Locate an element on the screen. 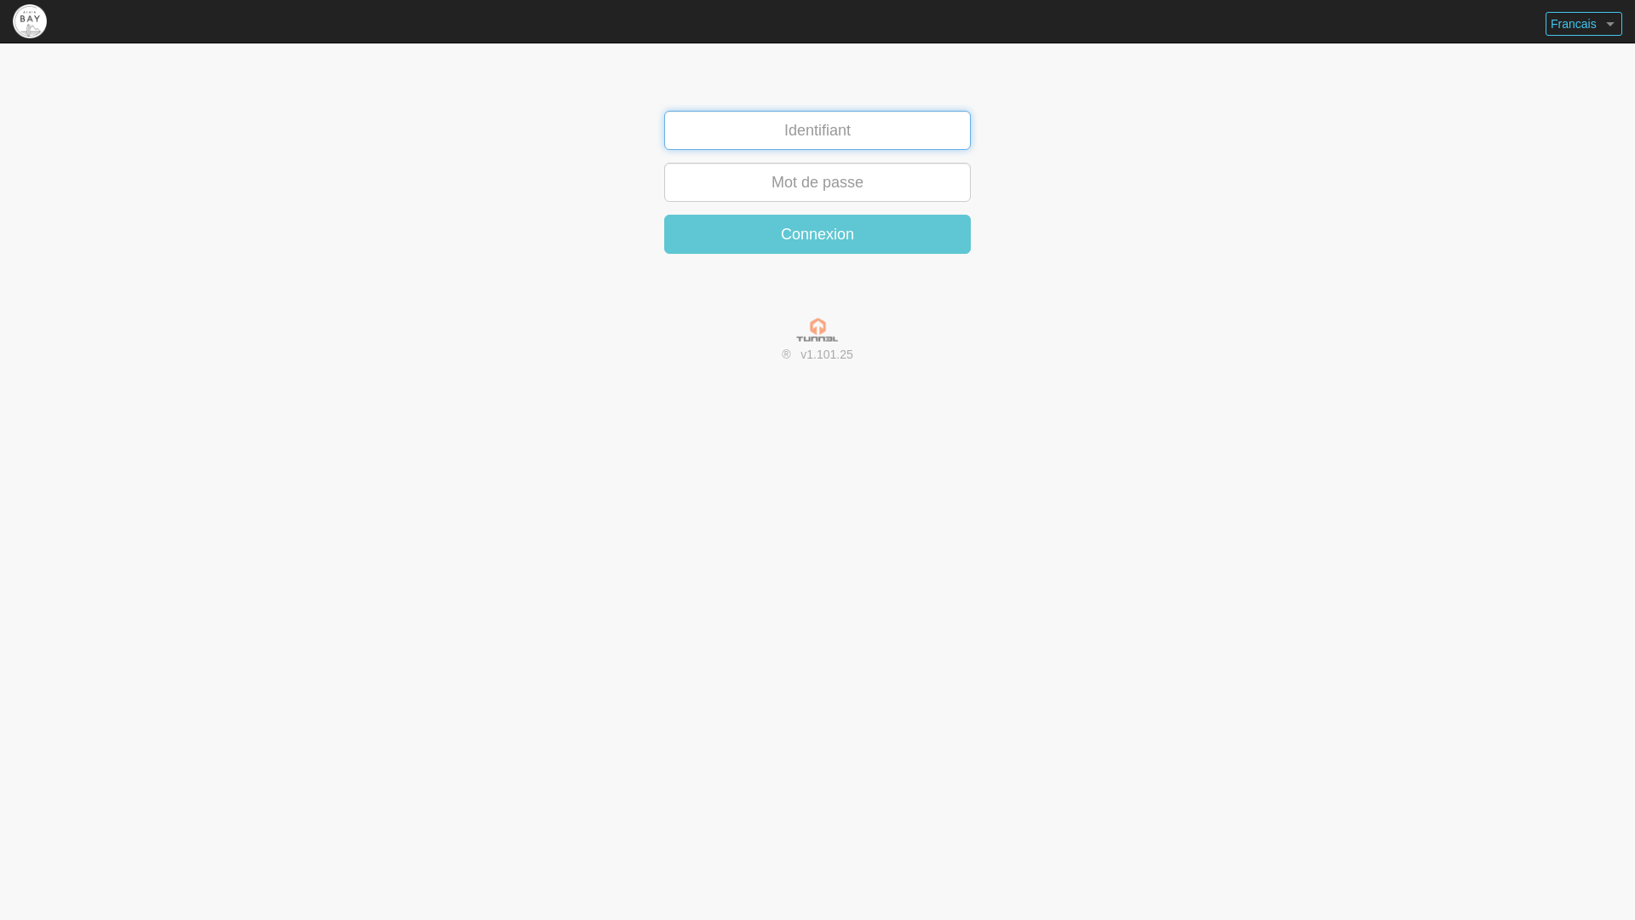 Image resolution: width=1635 pixels, height=920 pixels. 'Connexion' is located at coordinates (817, 233).